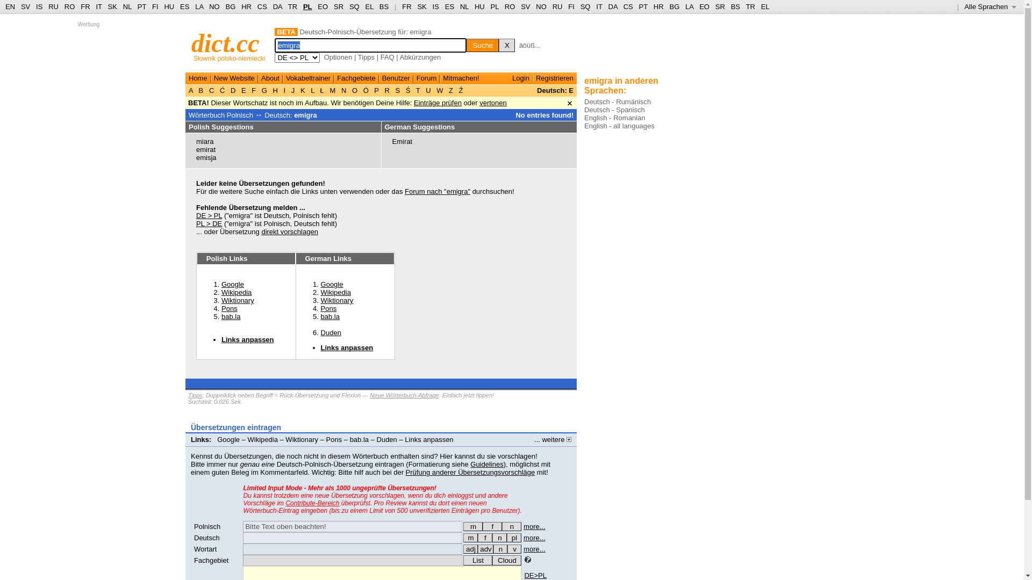 Image resolution: width=1032 pixels, height=580 pixels. I want to click on 'Pons', so click(320, 308).